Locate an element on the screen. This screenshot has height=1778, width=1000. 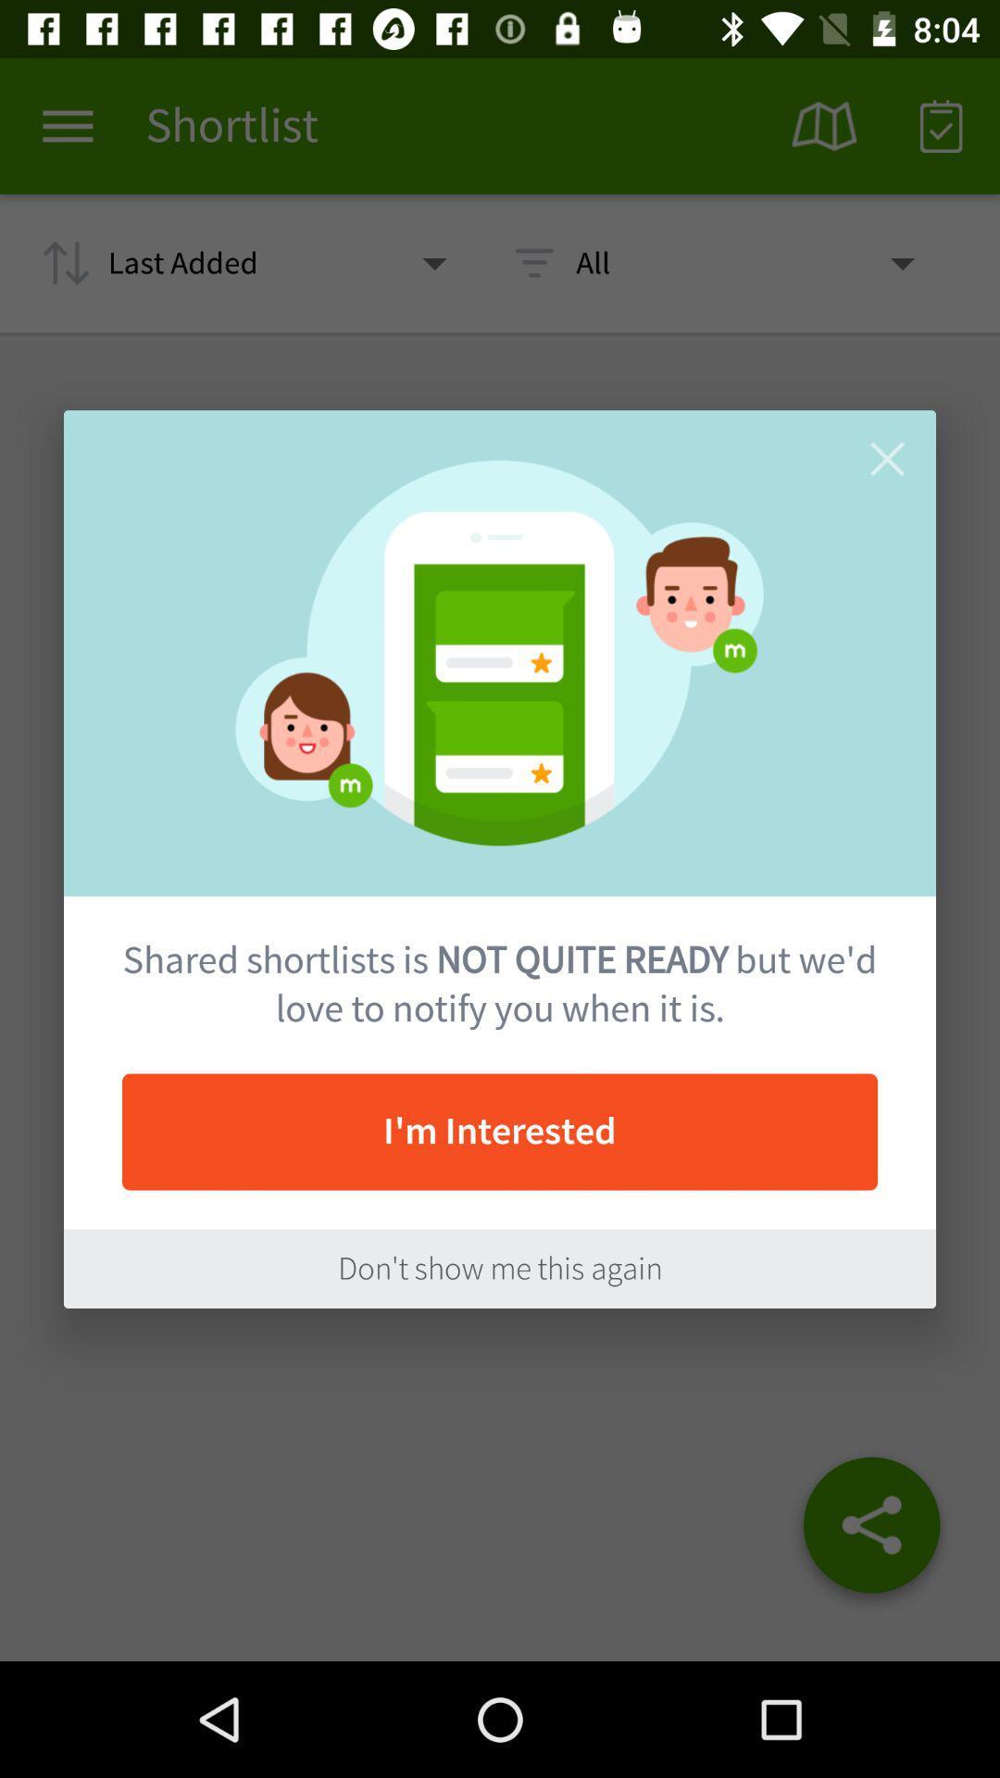
this page is located at coordinates (886, 458).